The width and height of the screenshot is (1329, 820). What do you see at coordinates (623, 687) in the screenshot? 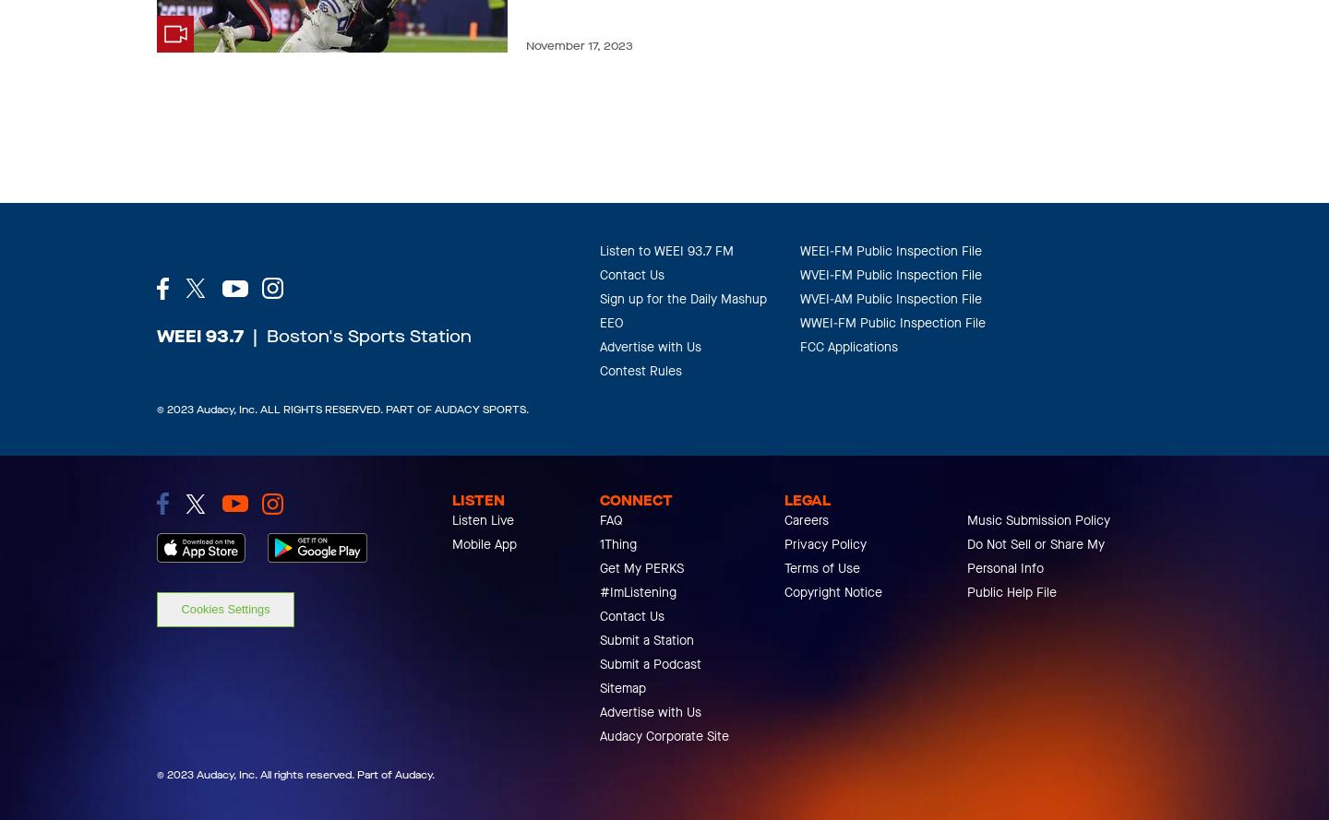
I see `'Sitemap'` at bounding box center [623, 687].